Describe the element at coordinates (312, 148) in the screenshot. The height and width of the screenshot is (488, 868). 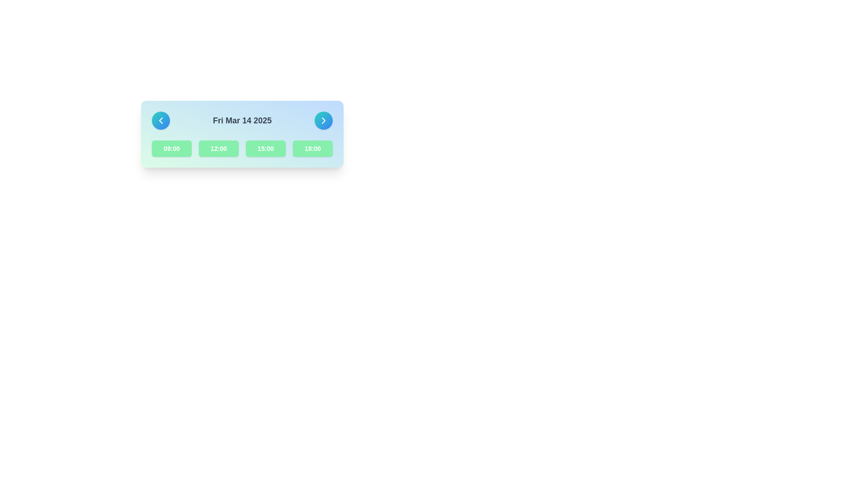
I see `the rectangular button with rounded corners displaying '18:00' in white on a green background located in the bottom-right corner of the grid layout` at that location.